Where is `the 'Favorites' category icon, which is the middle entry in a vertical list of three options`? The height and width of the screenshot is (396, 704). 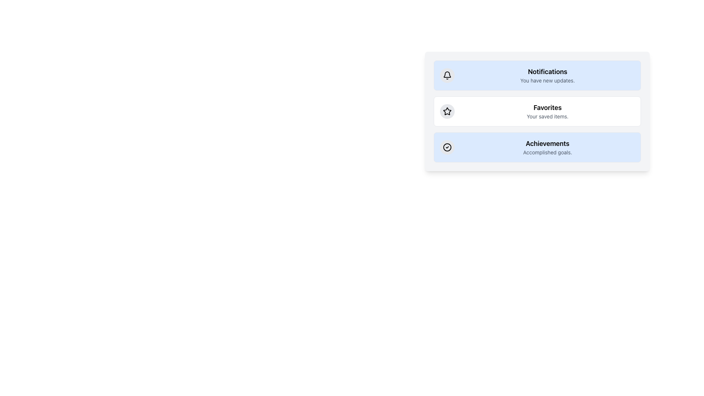 the 'Favorites' category icon, which is the middle entry in a vertical list of three options is located at coordinates (447, 111).